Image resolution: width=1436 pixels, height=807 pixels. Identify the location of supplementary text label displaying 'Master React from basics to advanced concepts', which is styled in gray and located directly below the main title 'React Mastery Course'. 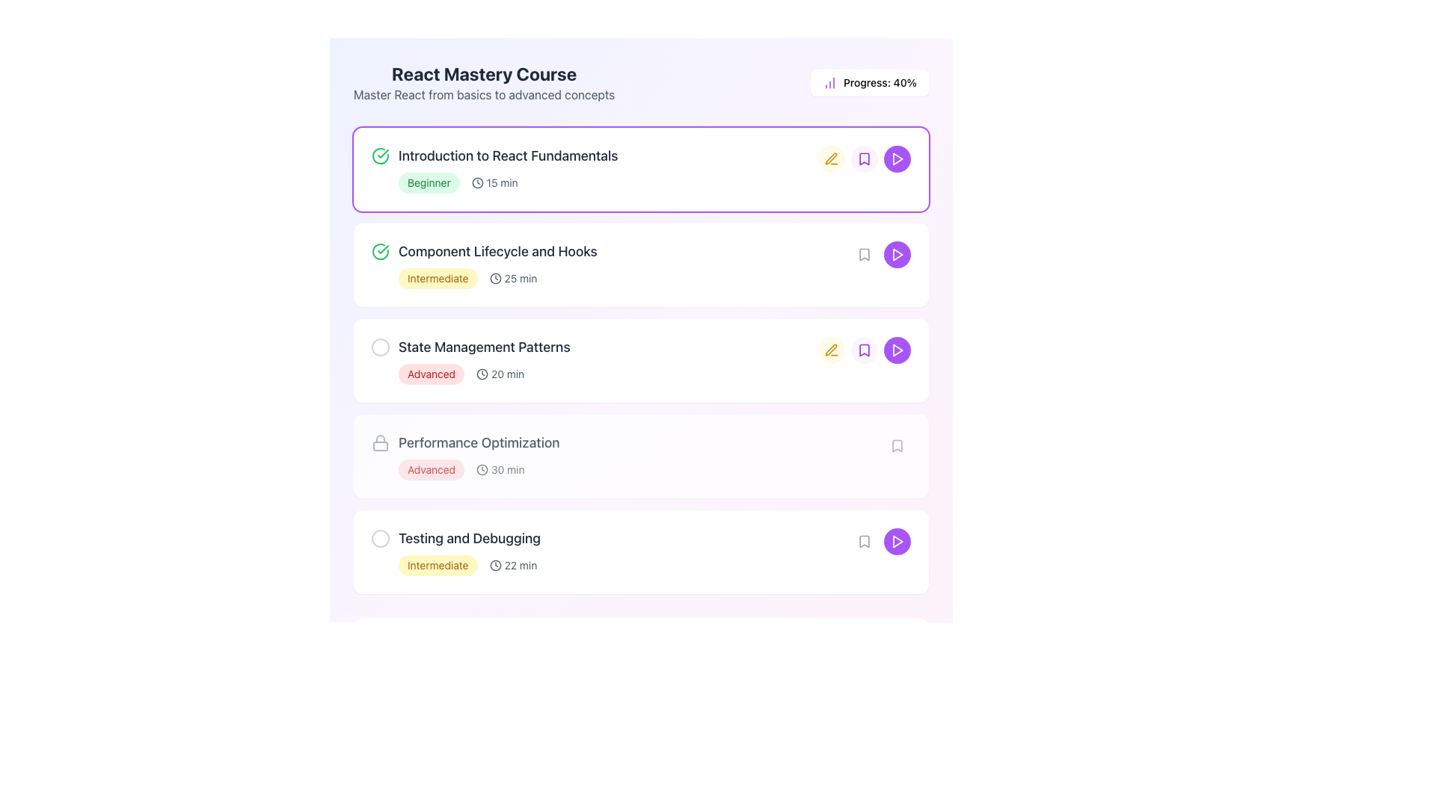
(484, 95).